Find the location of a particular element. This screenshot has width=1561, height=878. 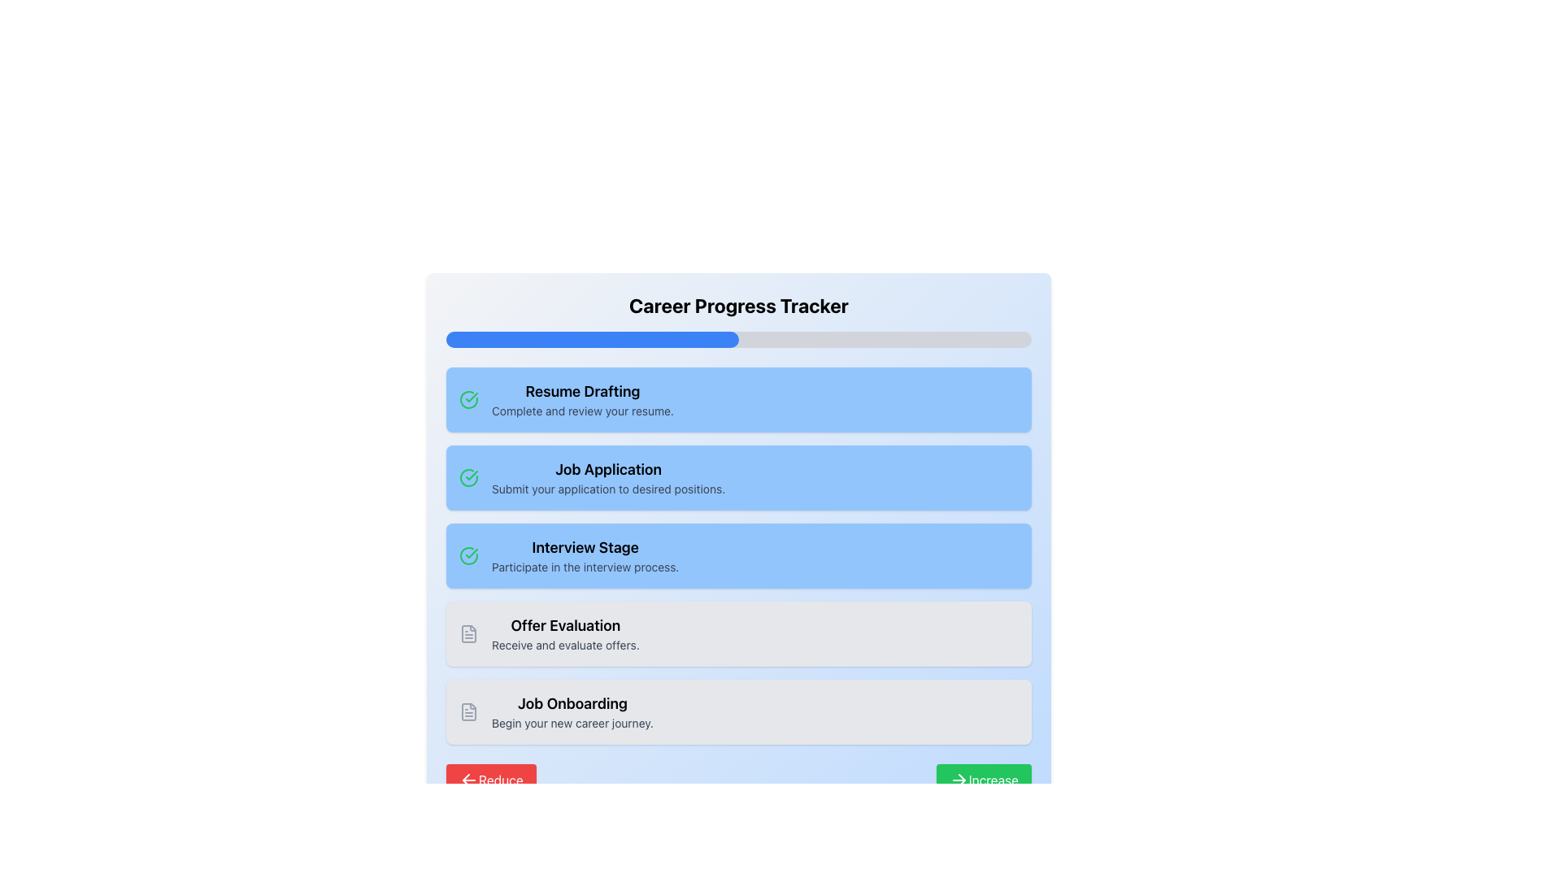

the visual cue icon representing the 'Job Onboarding' process, located to the left of the 'Job Onboarding' heading is located at coordinates (467, 711).